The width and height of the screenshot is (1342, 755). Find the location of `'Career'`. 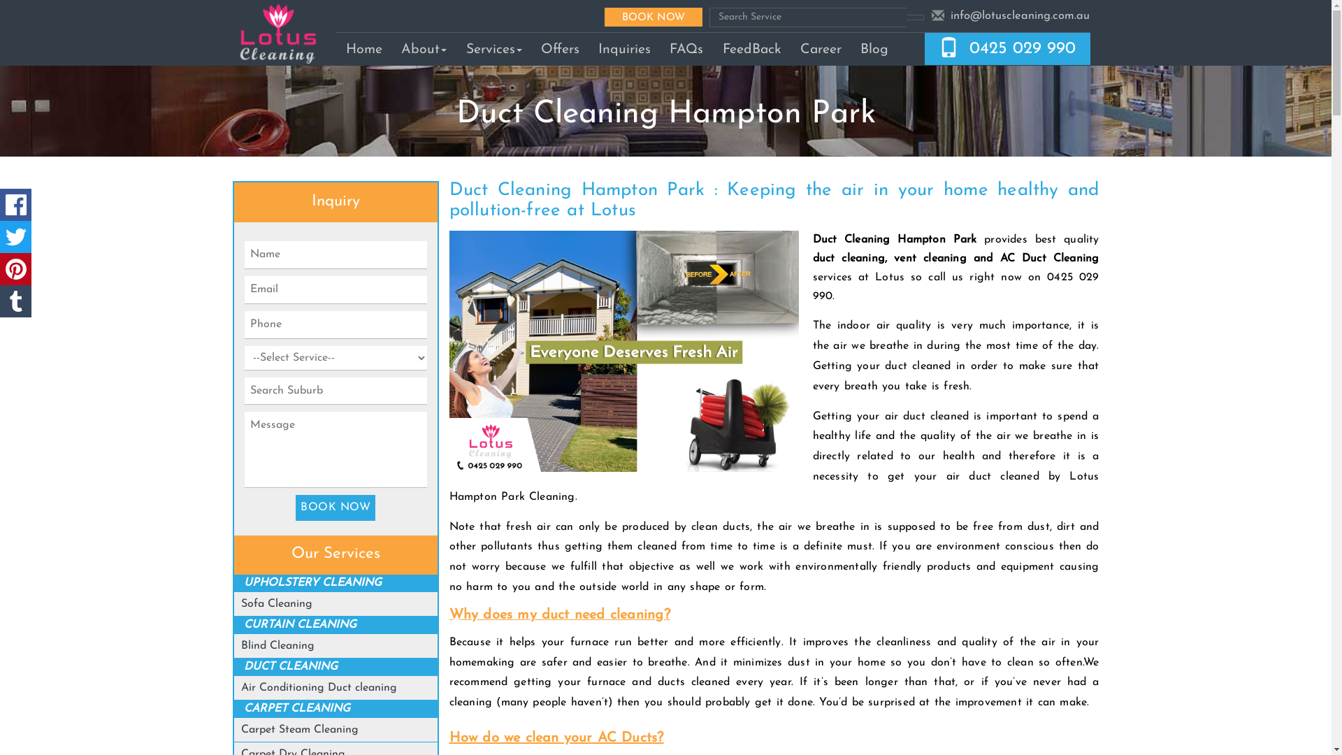

'Career' is located at coordinates (821, 48).